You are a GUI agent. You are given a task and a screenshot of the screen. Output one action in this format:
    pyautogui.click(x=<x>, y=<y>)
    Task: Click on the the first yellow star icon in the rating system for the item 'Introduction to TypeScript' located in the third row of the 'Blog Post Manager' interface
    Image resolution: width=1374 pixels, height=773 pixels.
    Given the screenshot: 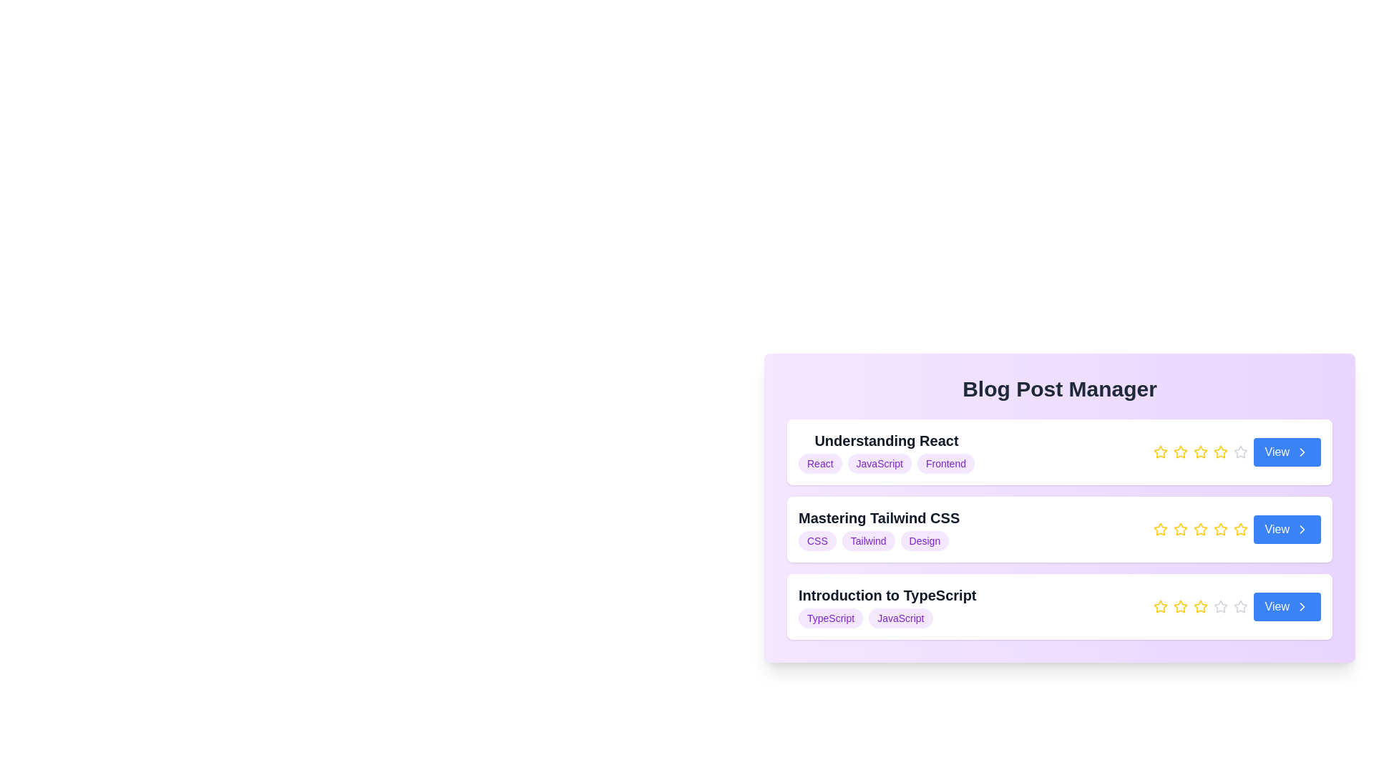 What is the action you would take?
    pyautogui.click(x=1160, y=607)
    